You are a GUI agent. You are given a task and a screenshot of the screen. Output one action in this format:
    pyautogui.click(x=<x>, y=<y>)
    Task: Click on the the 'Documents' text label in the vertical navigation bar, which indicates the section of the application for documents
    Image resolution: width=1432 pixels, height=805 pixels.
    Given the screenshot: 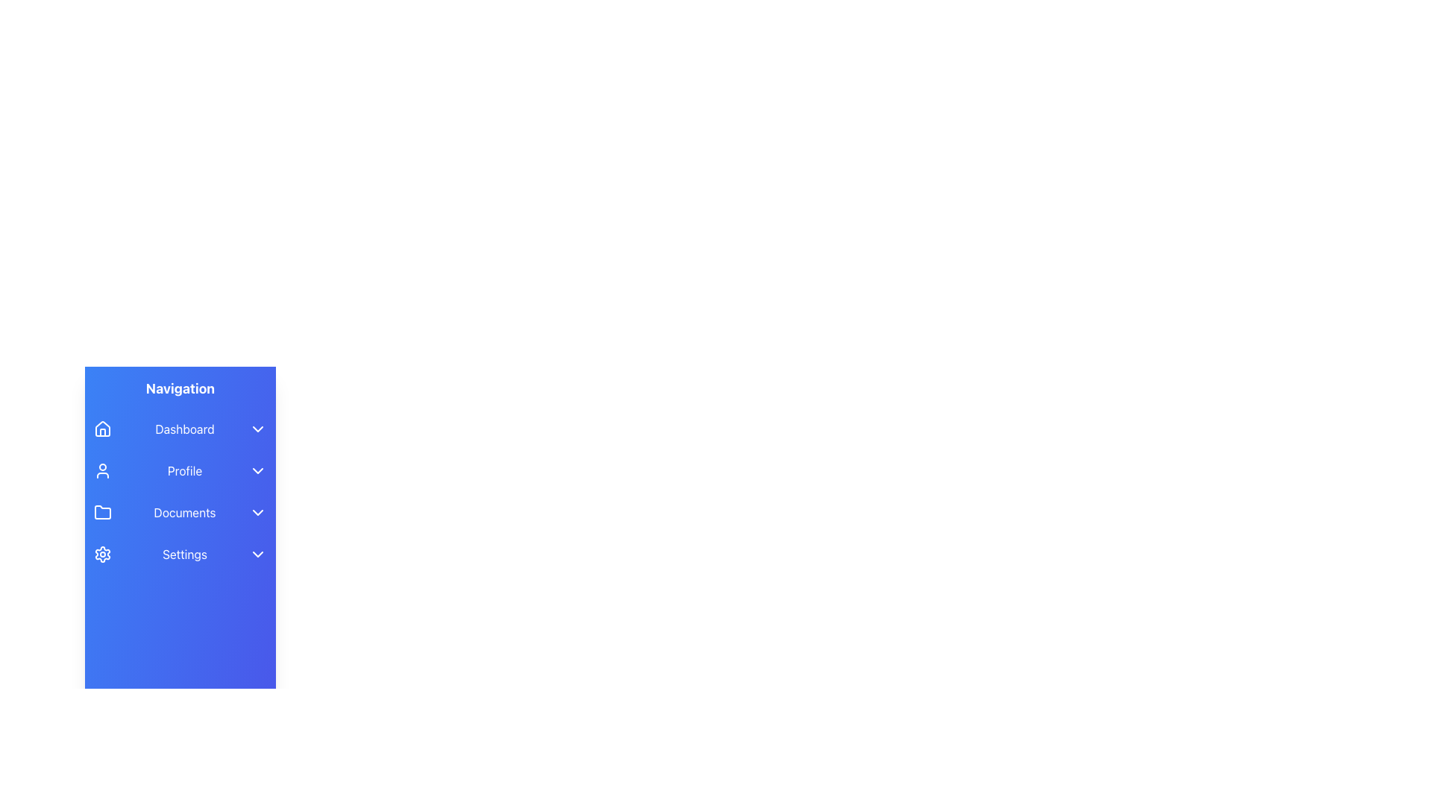 What is the action you would take?
    pyautogui.click(x=184, y=511)
    